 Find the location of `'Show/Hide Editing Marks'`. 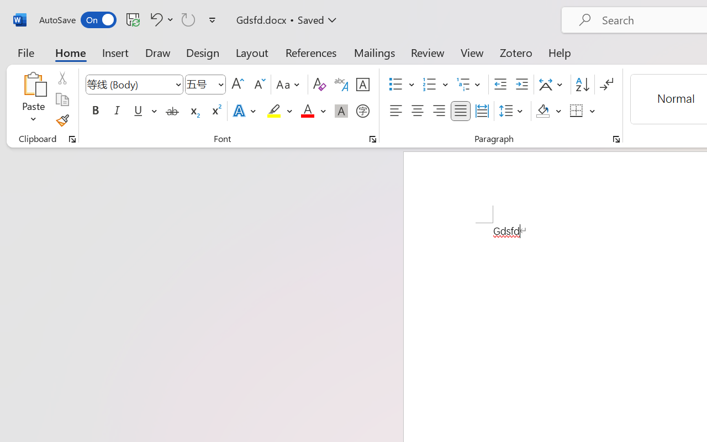

'Show/Hide Editing Marks' is located at coordinates (606, 85).